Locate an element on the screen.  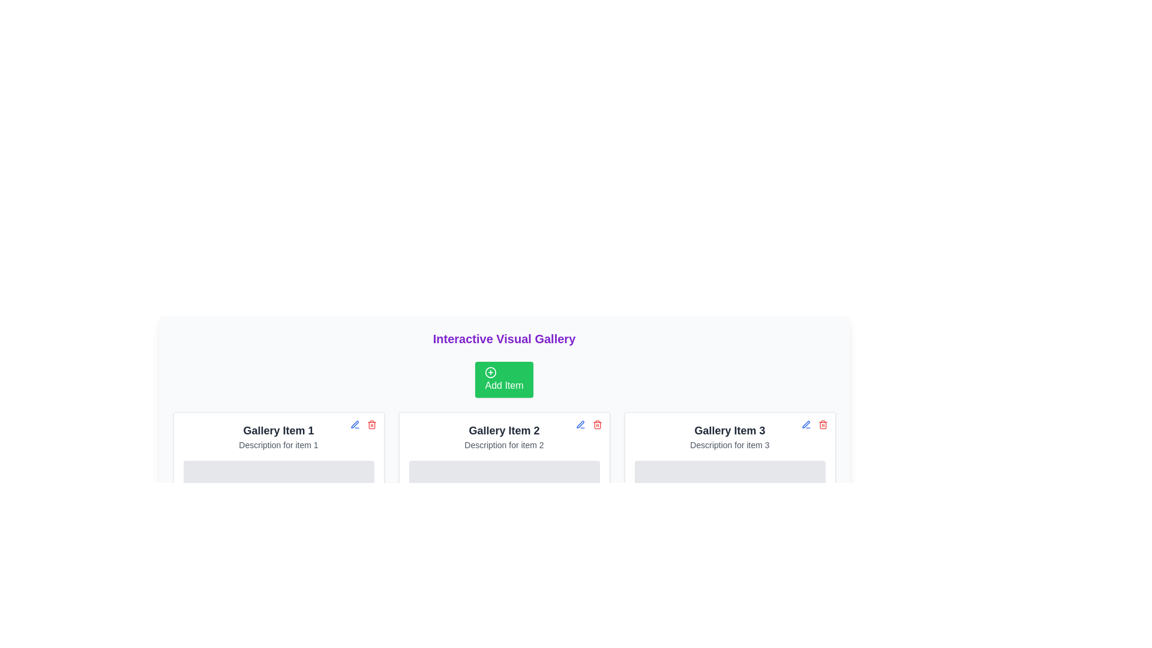
the static text element displaying 'Description for item 1' which is located beneath 'Gallery Item 1' and above a placeholder image in the first card of the gallery layout is located at coordinates (278, 445).